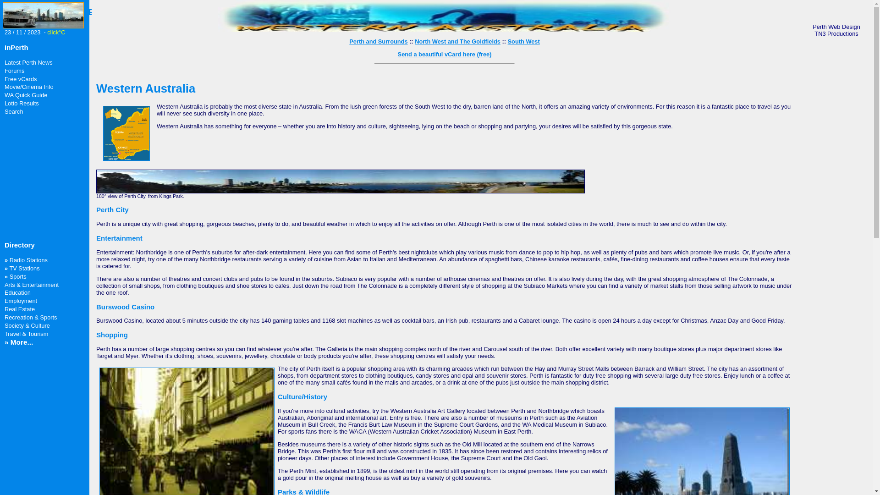  I want to click on 'Advertisement', so click(32, 179).